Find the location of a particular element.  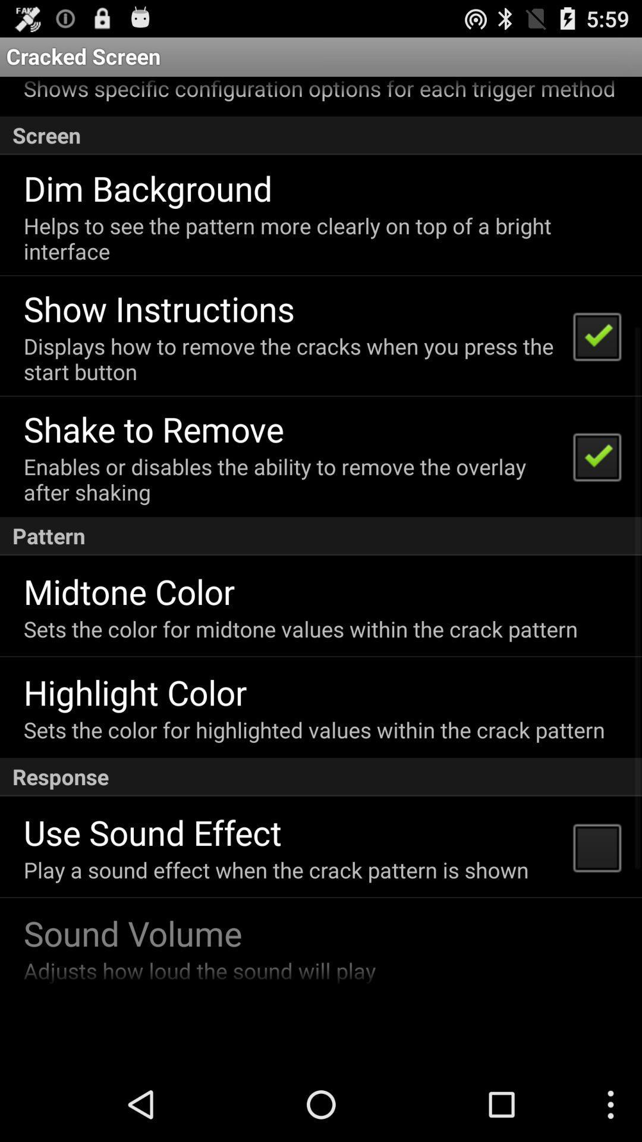

icon below play a sound app is located at coordinates (133, 932).